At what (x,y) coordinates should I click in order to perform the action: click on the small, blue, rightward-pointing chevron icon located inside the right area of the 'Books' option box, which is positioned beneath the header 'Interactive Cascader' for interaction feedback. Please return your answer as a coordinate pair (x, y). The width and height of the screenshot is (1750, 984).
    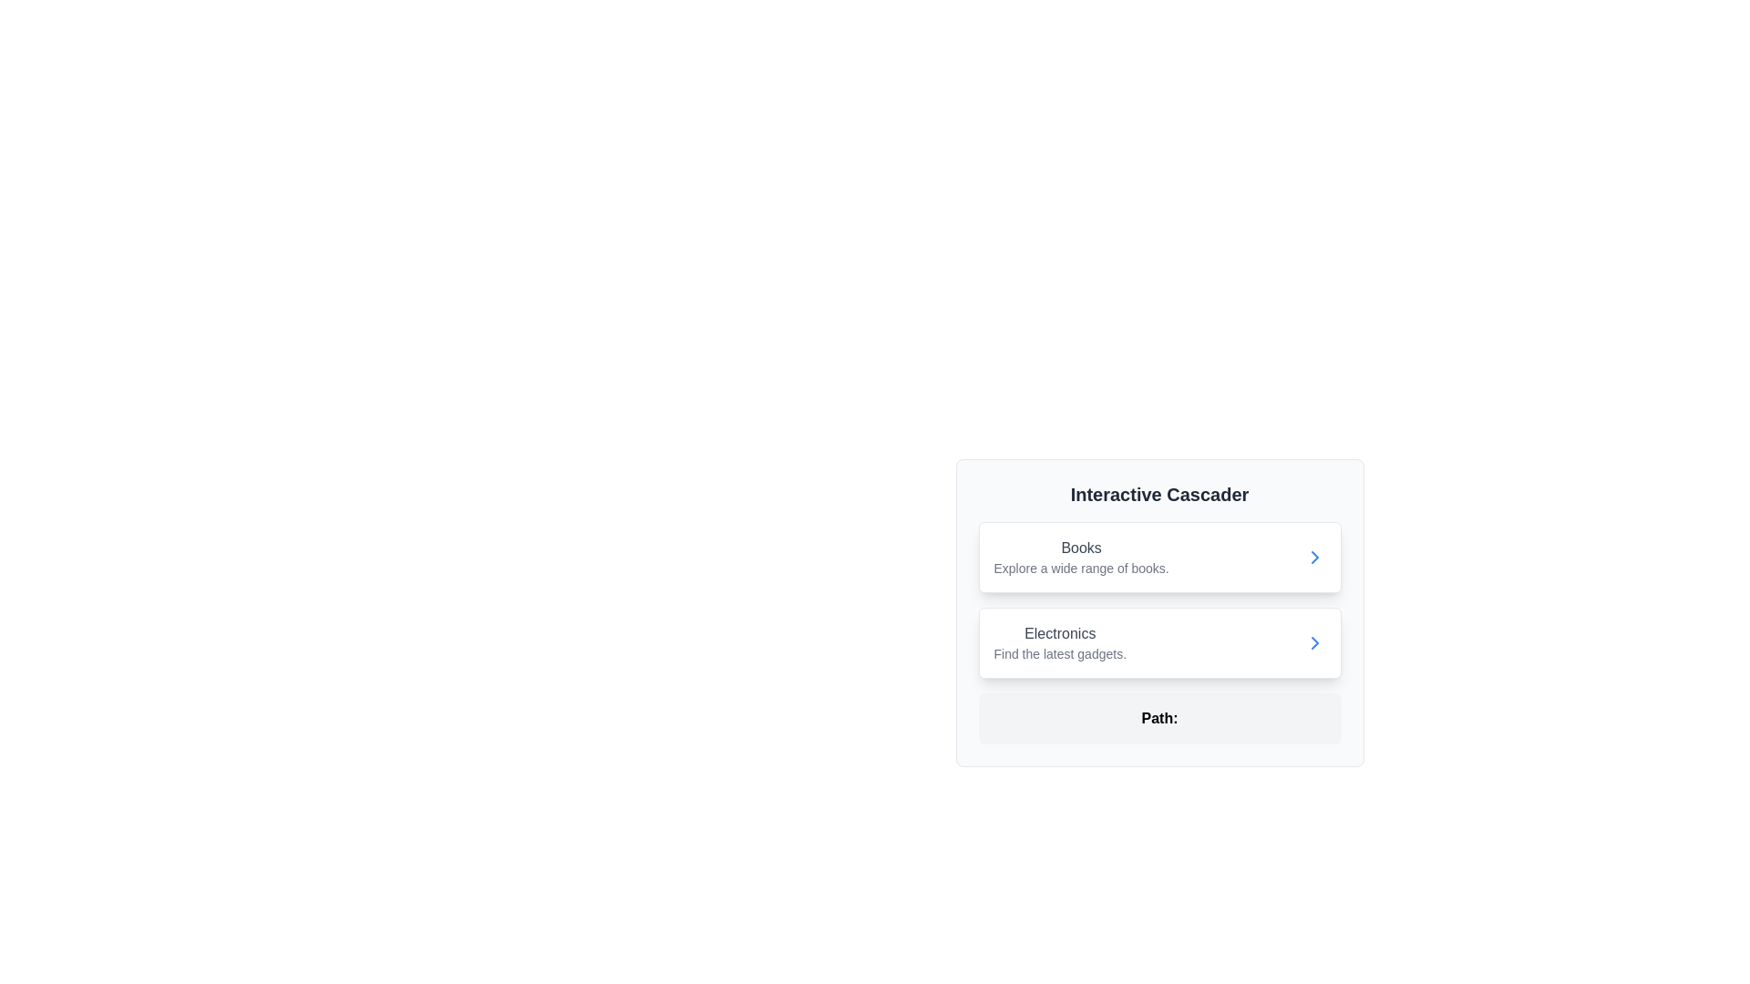
    Looking at the image, I should click on (1314, 557).